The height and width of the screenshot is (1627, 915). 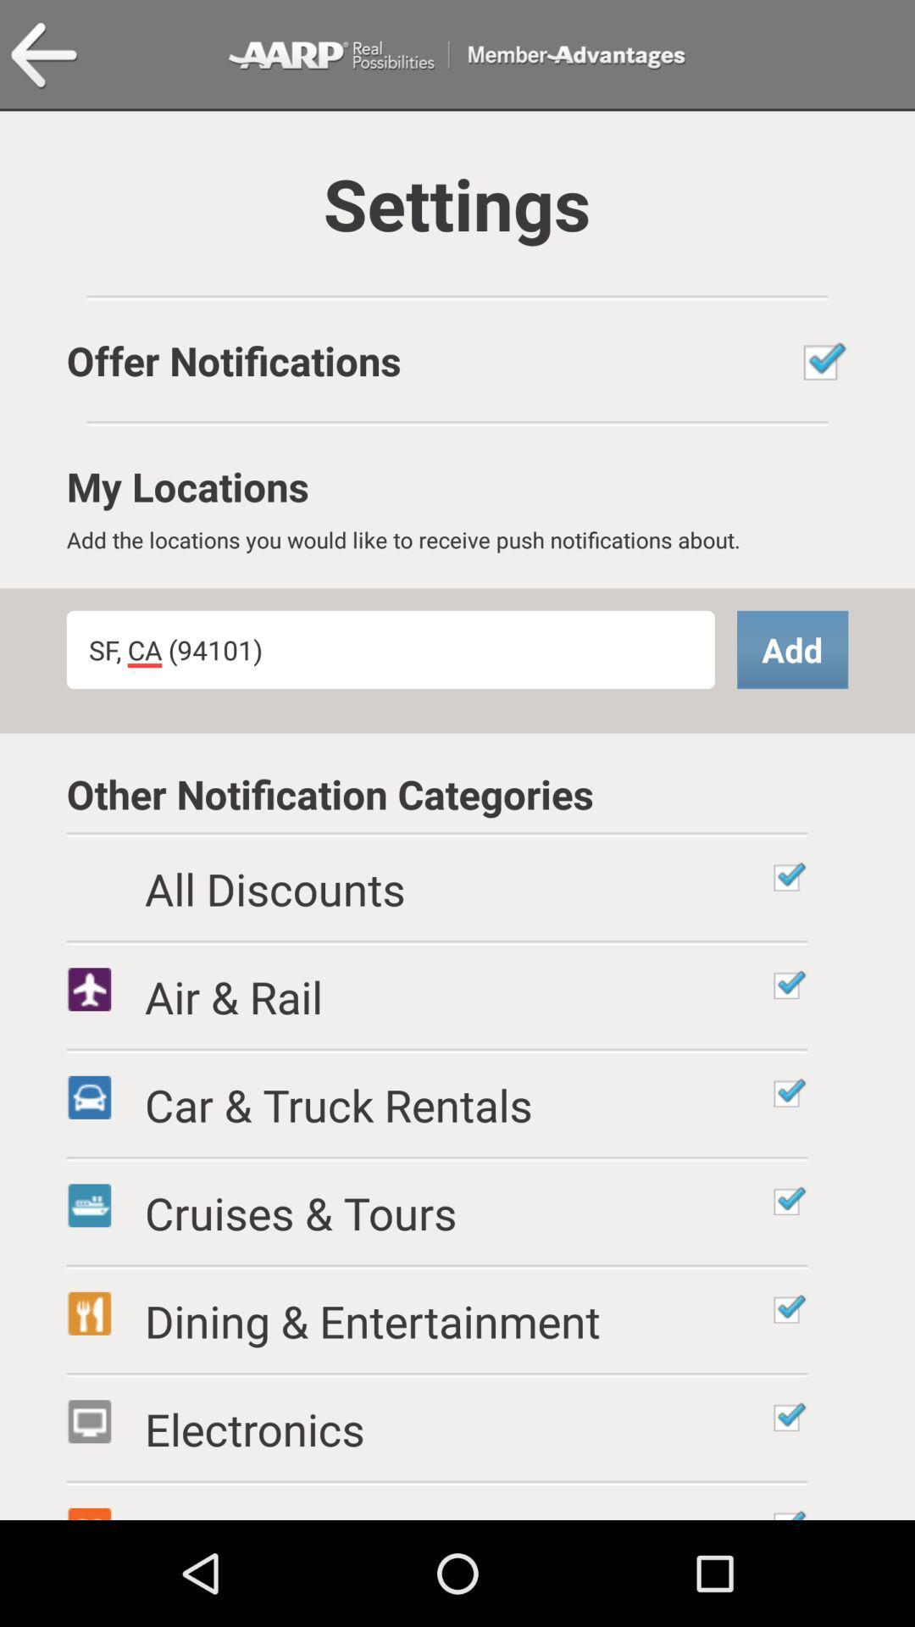 What do you see at coordinates (43, 59) in the screenshot?
I see `the arrow_backward icon` at bounding box center [43, 59].